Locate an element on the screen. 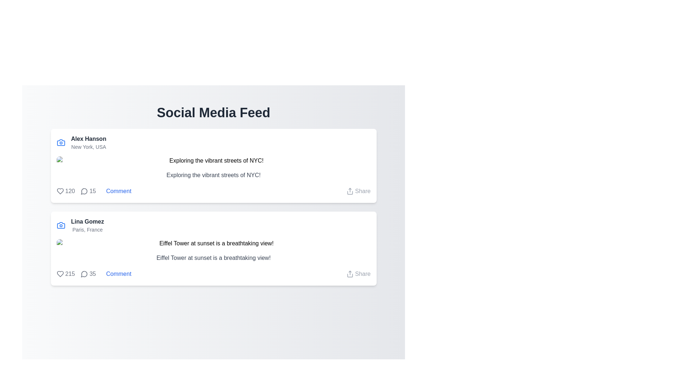 This screenshot has width=698, height=392. the prominently displayed heading 'Social Media Feed', which is styled in large, bold font and dark gray color, centrally aligned at the top of the feed area is located at coordinates (213, 113).